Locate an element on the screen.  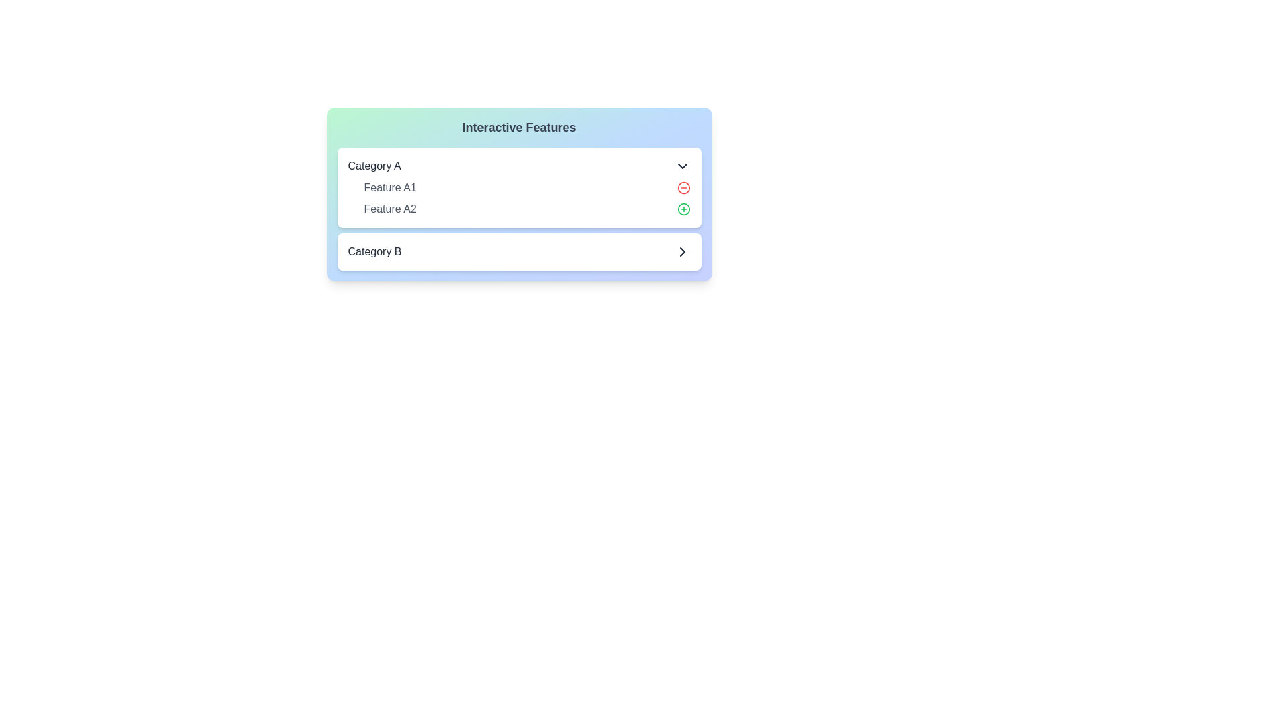
the rightward-pointing chevron icon located to the right of the text 'Category B' is located at coordinates (682, 252).